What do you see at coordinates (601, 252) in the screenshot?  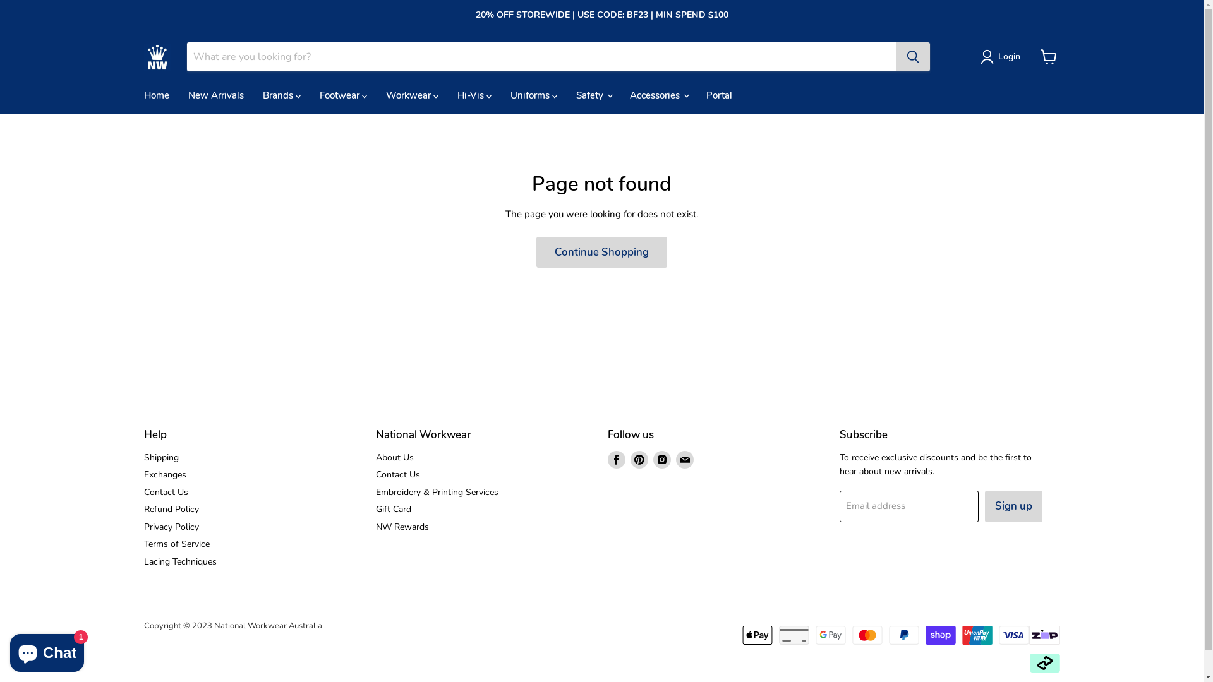 I see `'Continue Shopping'` at bounding box center [601, 252].